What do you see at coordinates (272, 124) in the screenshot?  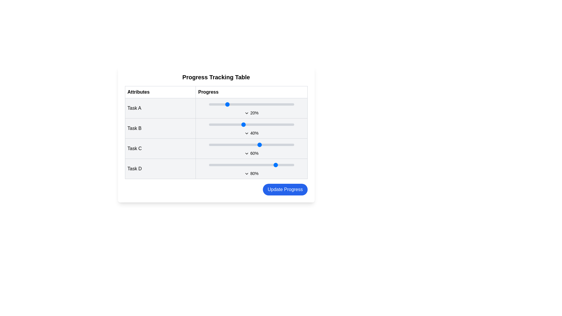 I see `the progress of Task B` at bounding box center [272, 124].